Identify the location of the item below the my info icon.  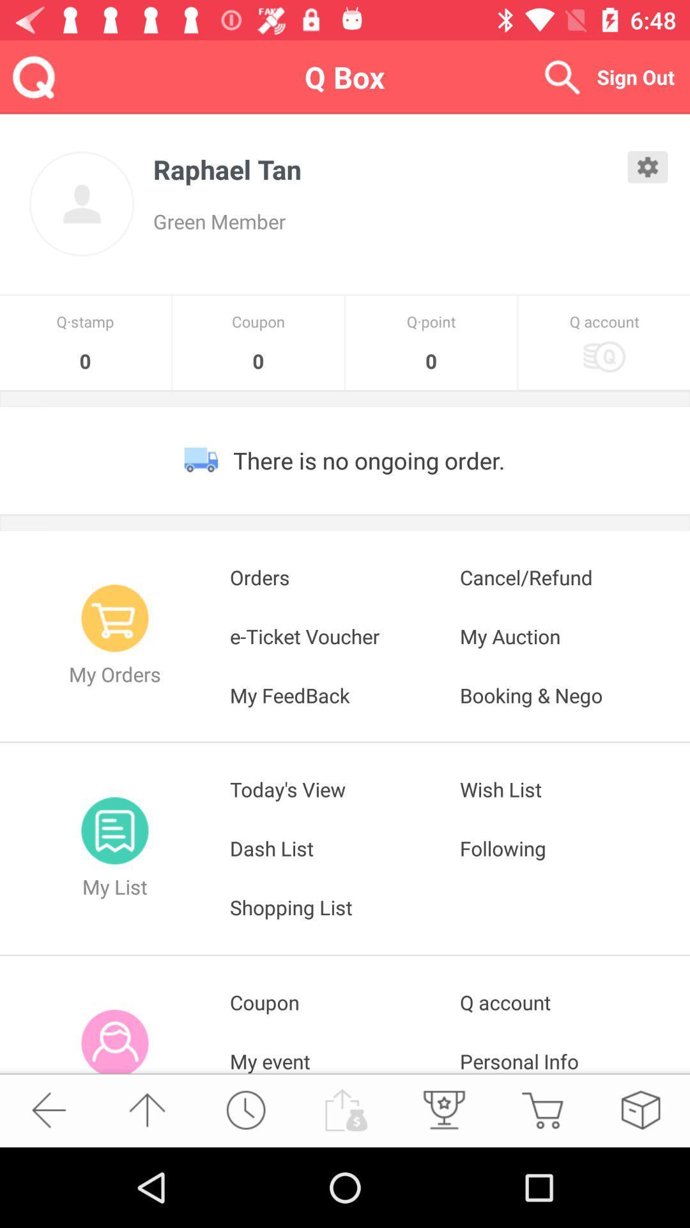
(146, 1109).